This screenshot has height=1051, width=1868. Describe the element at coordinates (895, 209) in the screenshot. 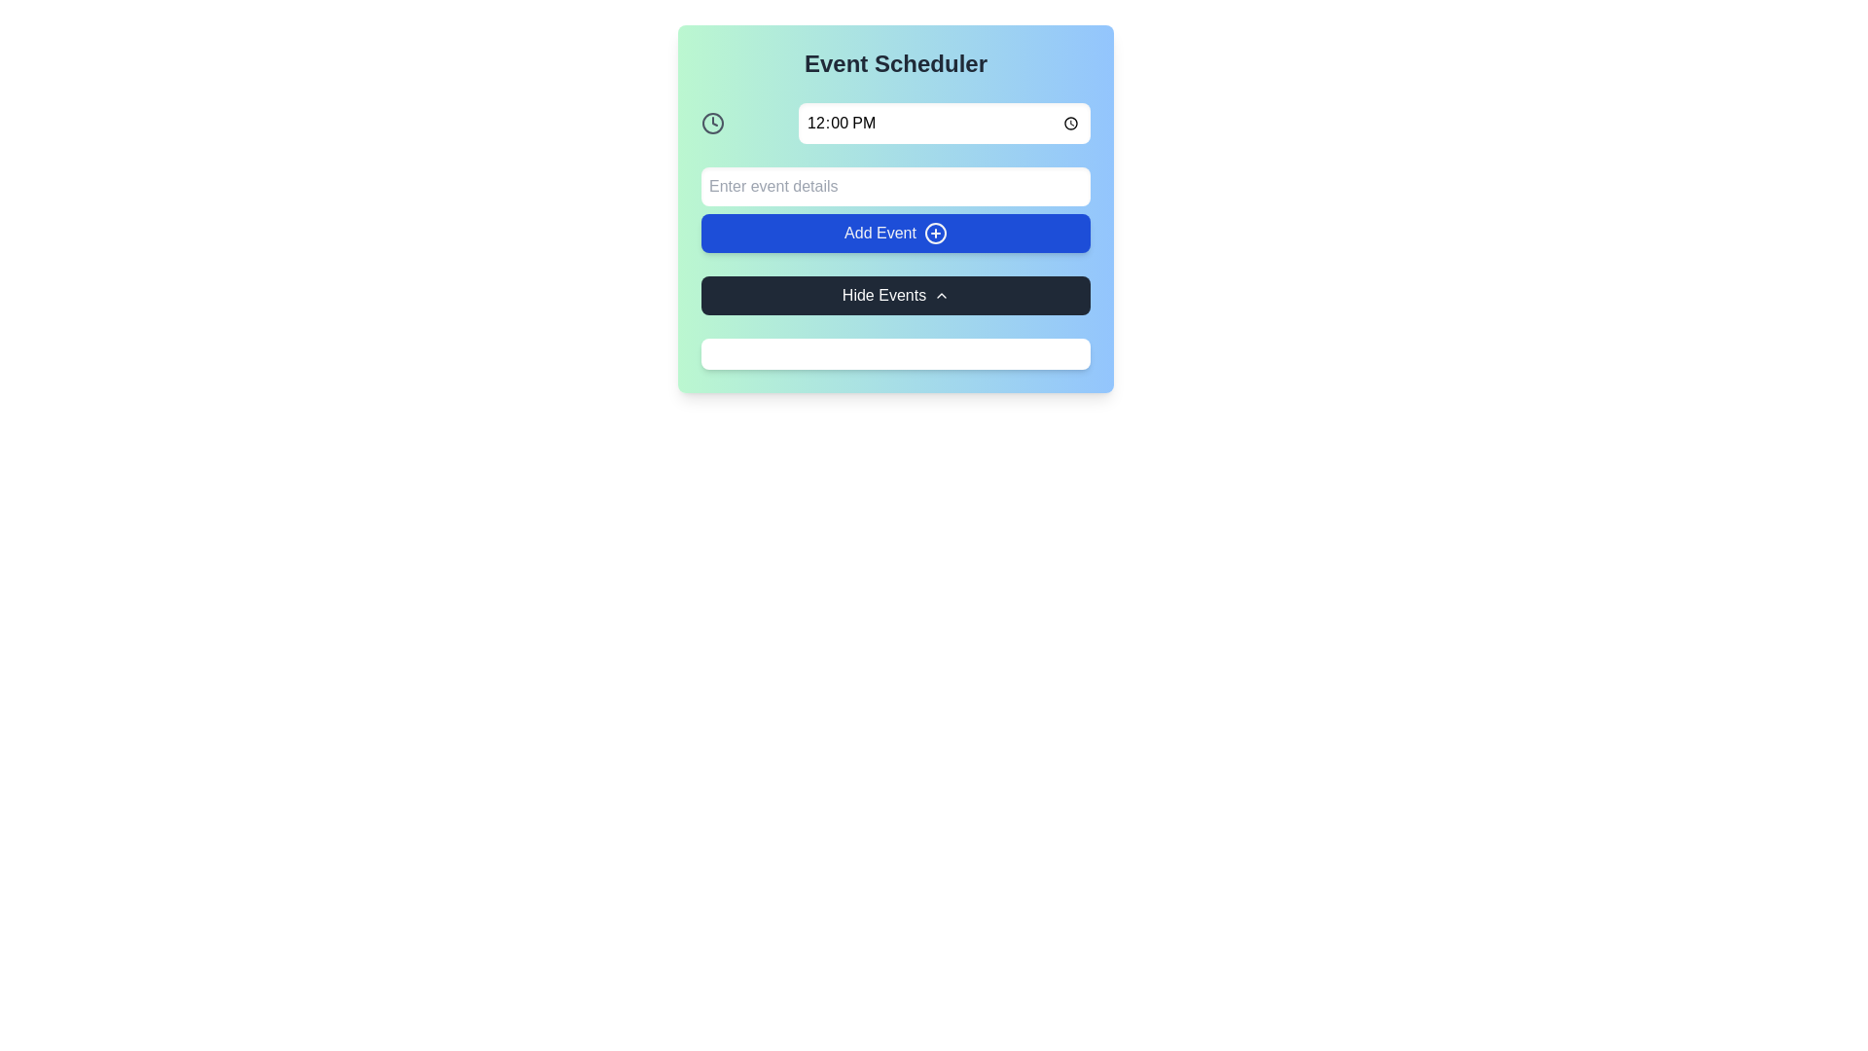

I see `the 'Add Event' button, which is a vibrant blue rectangular button with white text and a '+' icon, located within the 'Event Scheduler' card` at that location.